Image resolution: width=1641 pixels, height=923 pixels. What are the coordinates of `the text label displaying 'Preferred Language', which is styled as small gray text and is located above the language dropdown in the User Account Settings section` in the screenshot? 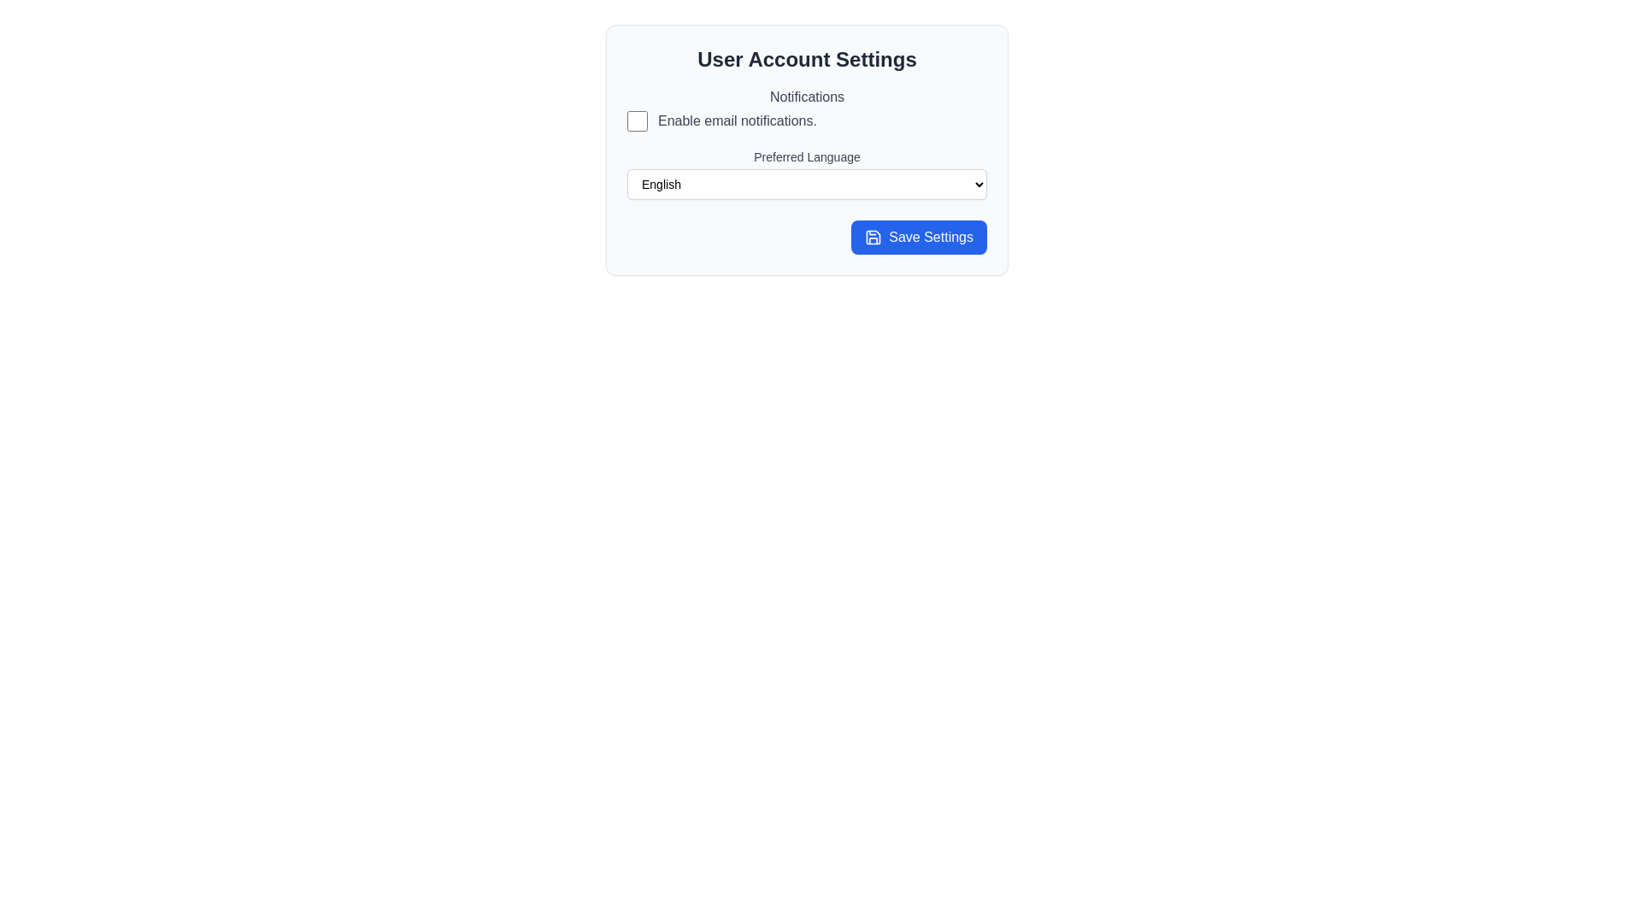 It's located at (806, 157).